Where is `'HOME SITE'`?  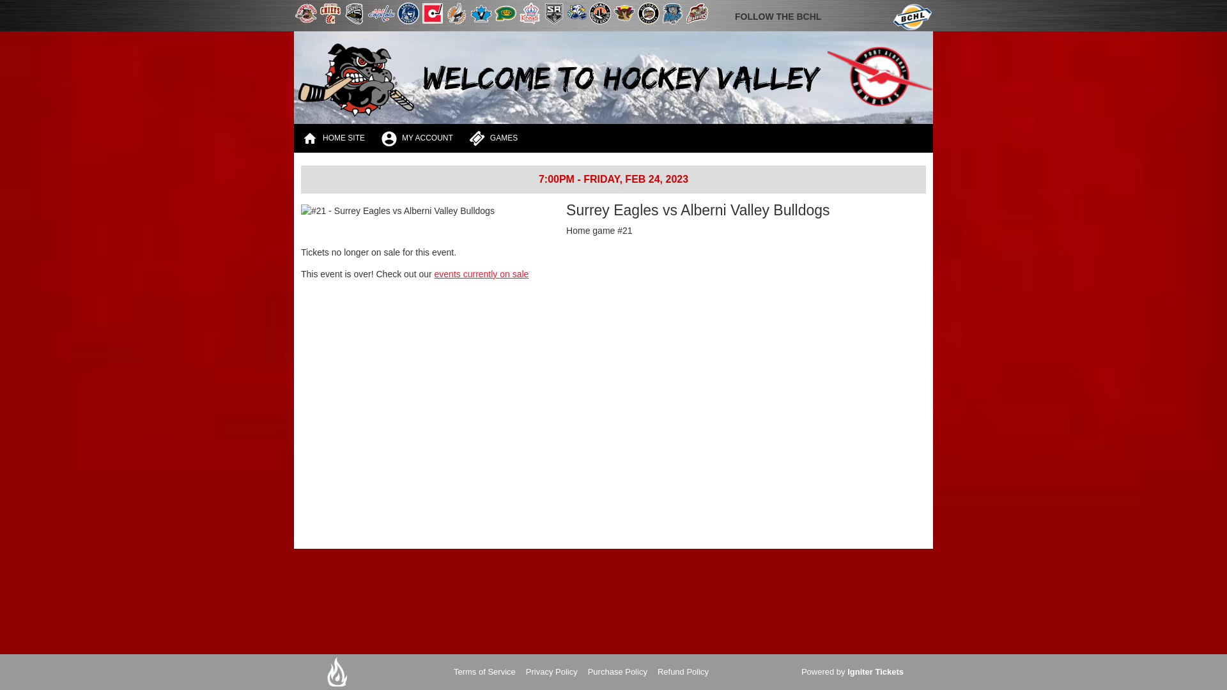 'HOME SITE' is located at coordinates (334, 138).